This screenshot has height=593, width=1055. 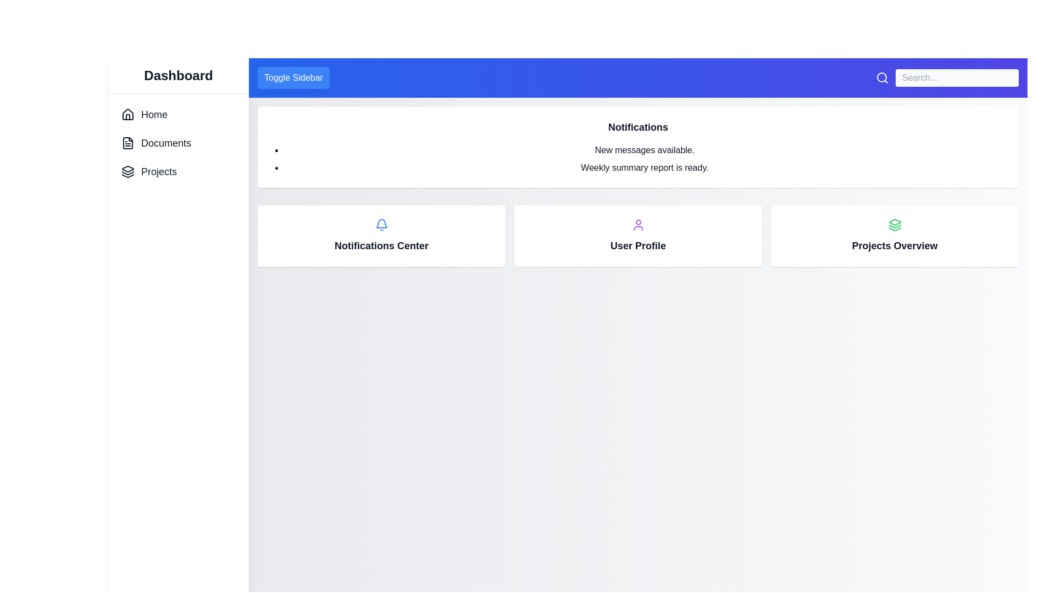 I want to click on keyboard navigation, so click(x=148, y=171).